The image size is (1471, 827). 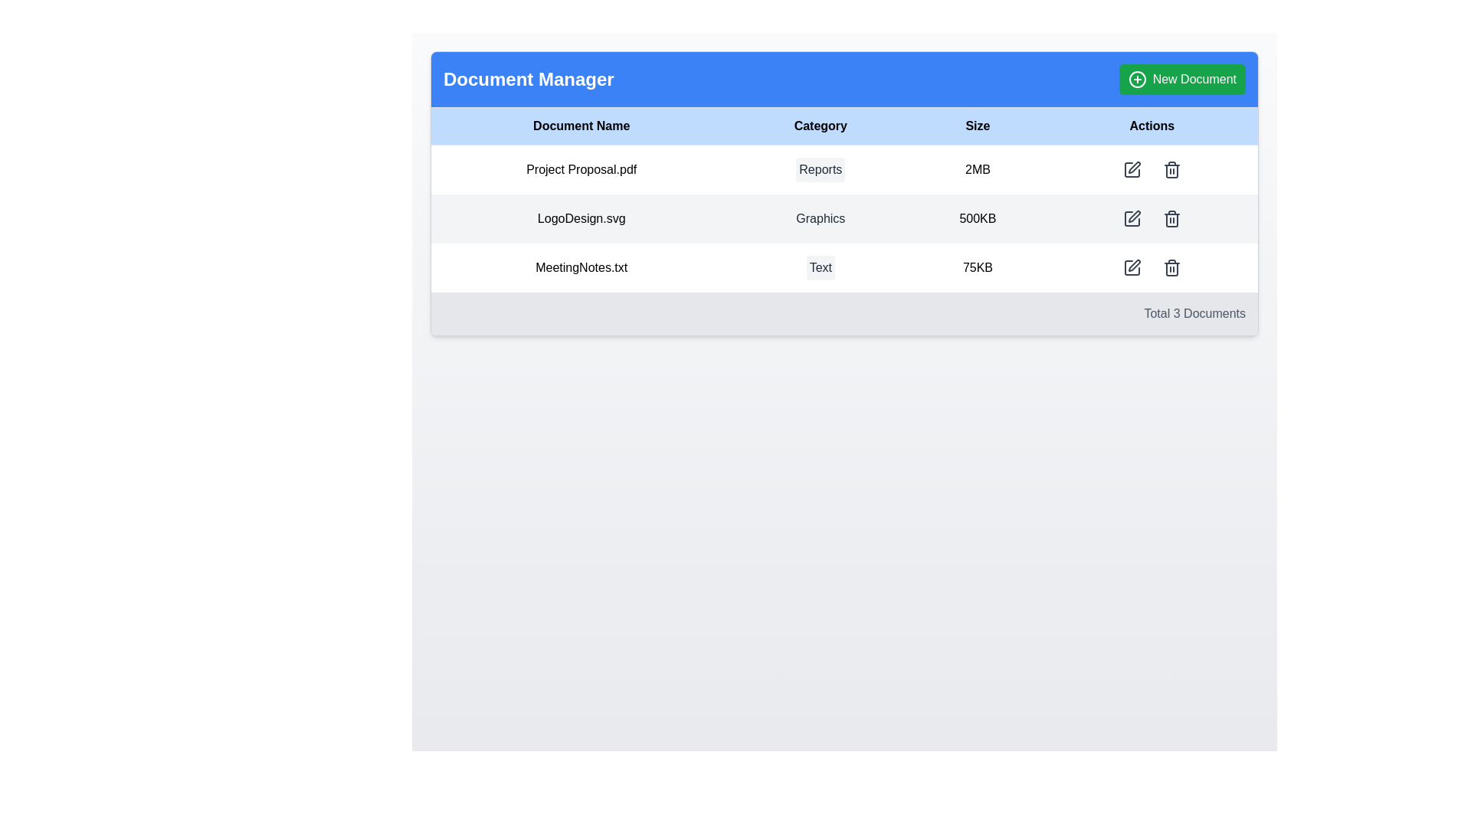 I want to click on the trash bin icon button located in the 'Actions' column of the first row in the table of documents, so click(x=1171, y=170).